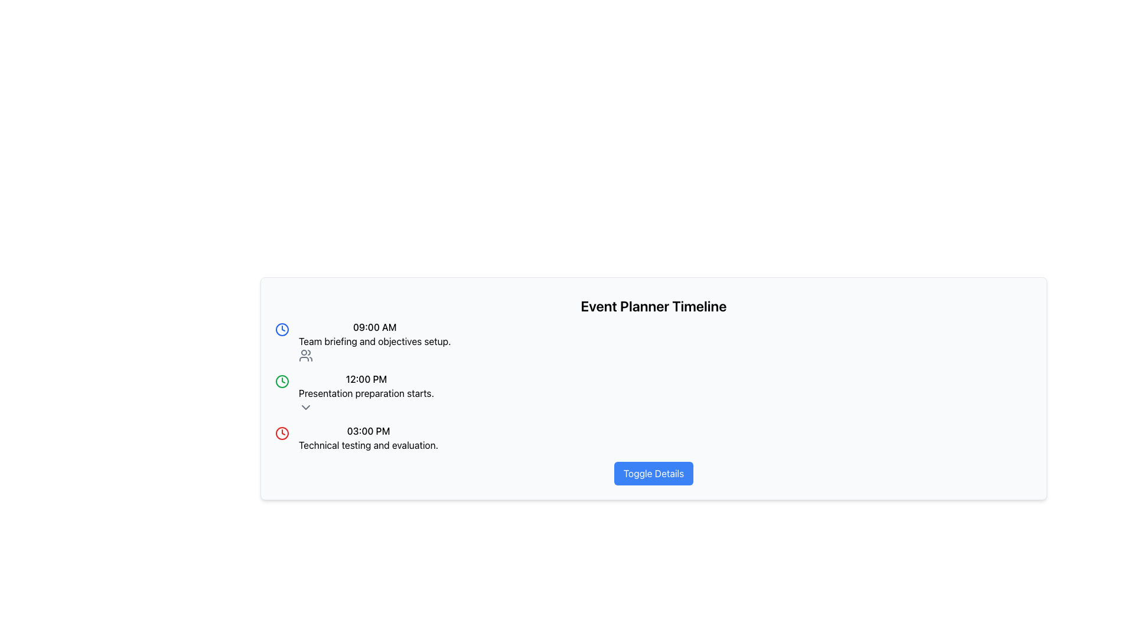 The height and width of the screenshot is (637, 1134). I want to click on details of the second event in the vertical timeline, which is located to the left of a green clock icon and between the 09:00 AM and 03:00 PM events, so click(366, 393).